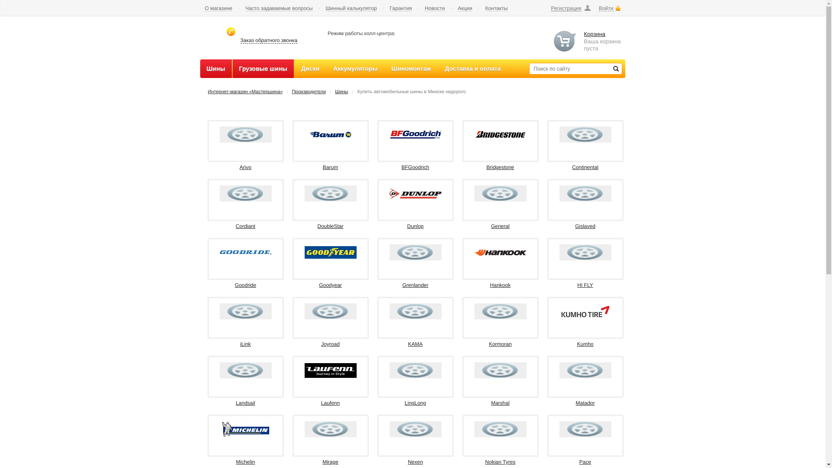 The width and height of the screenshot is (832, 468). Describe the element at coordinates (415, 370) in the screenshot. I see `'LingLong'` at that location.